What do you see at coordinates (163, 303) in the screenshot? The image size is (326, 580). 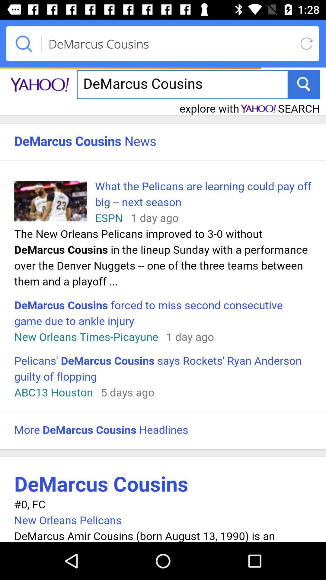 I see `search results` at bounding box center [163, 303].